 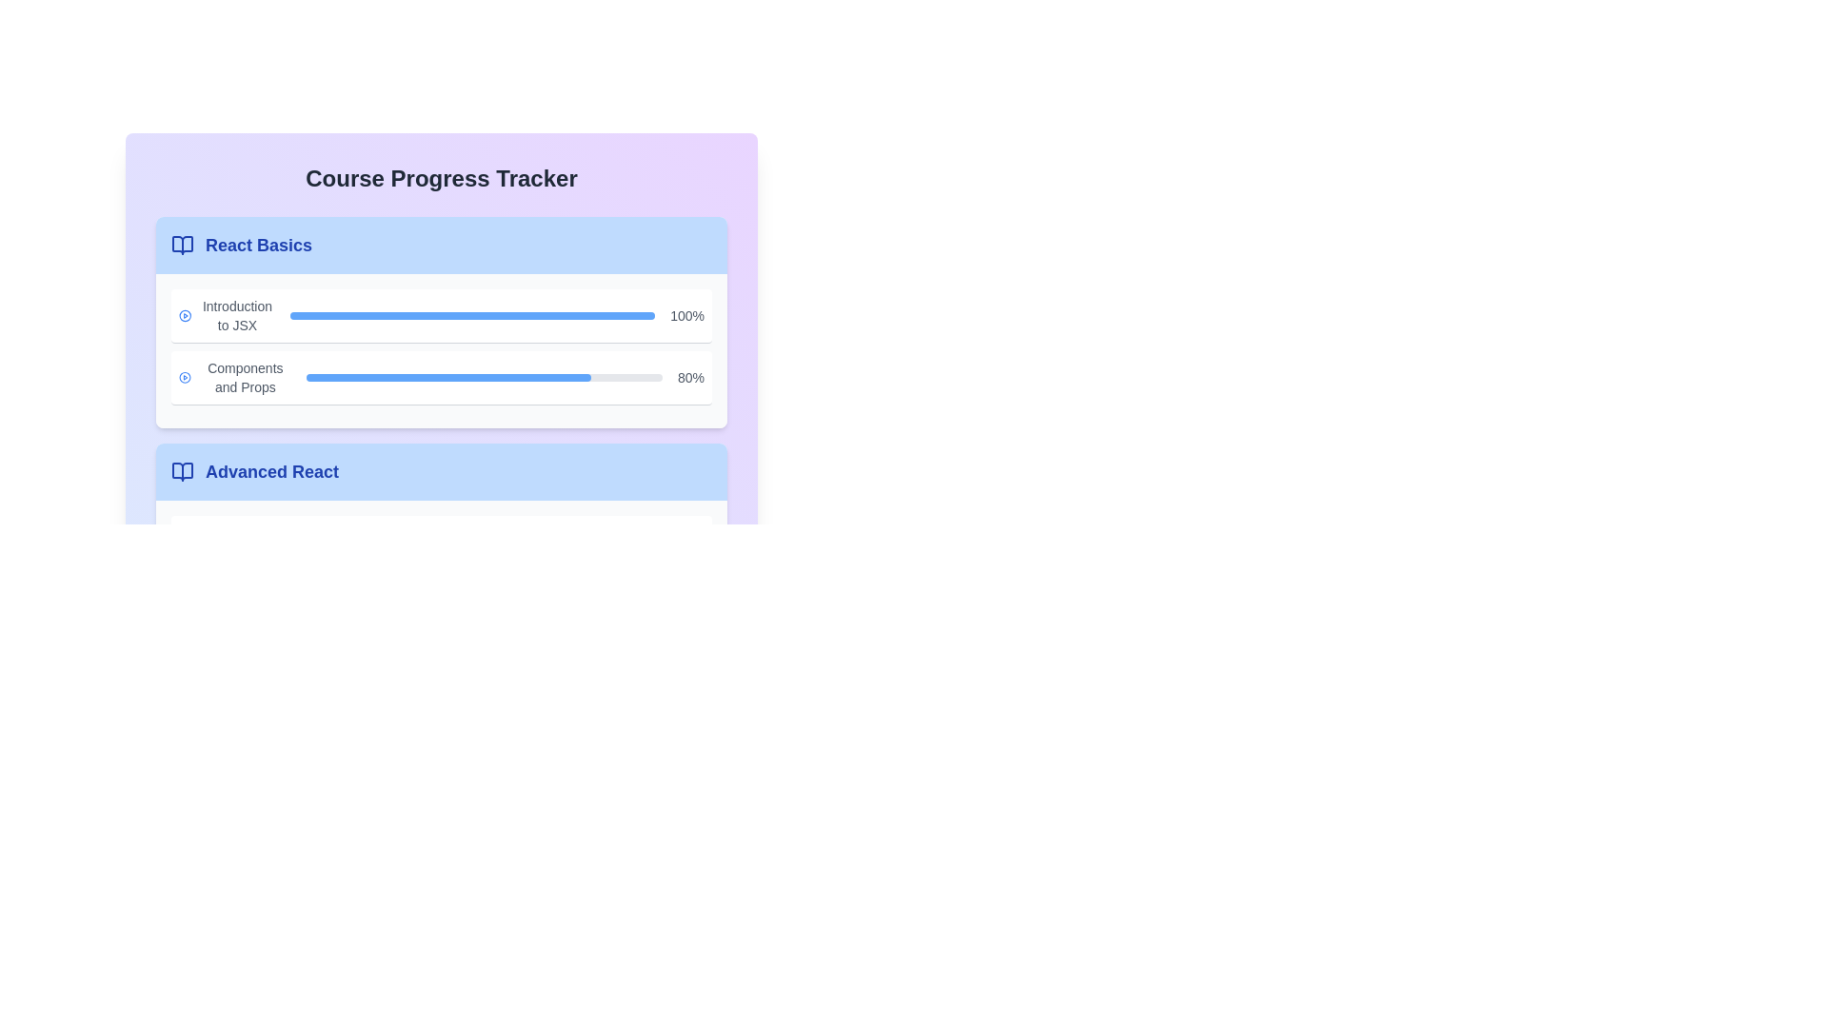 I want to click on the open book icon, which is styled in blue and located to the left of the 'React Basics' text, so click(x=183, y=245).